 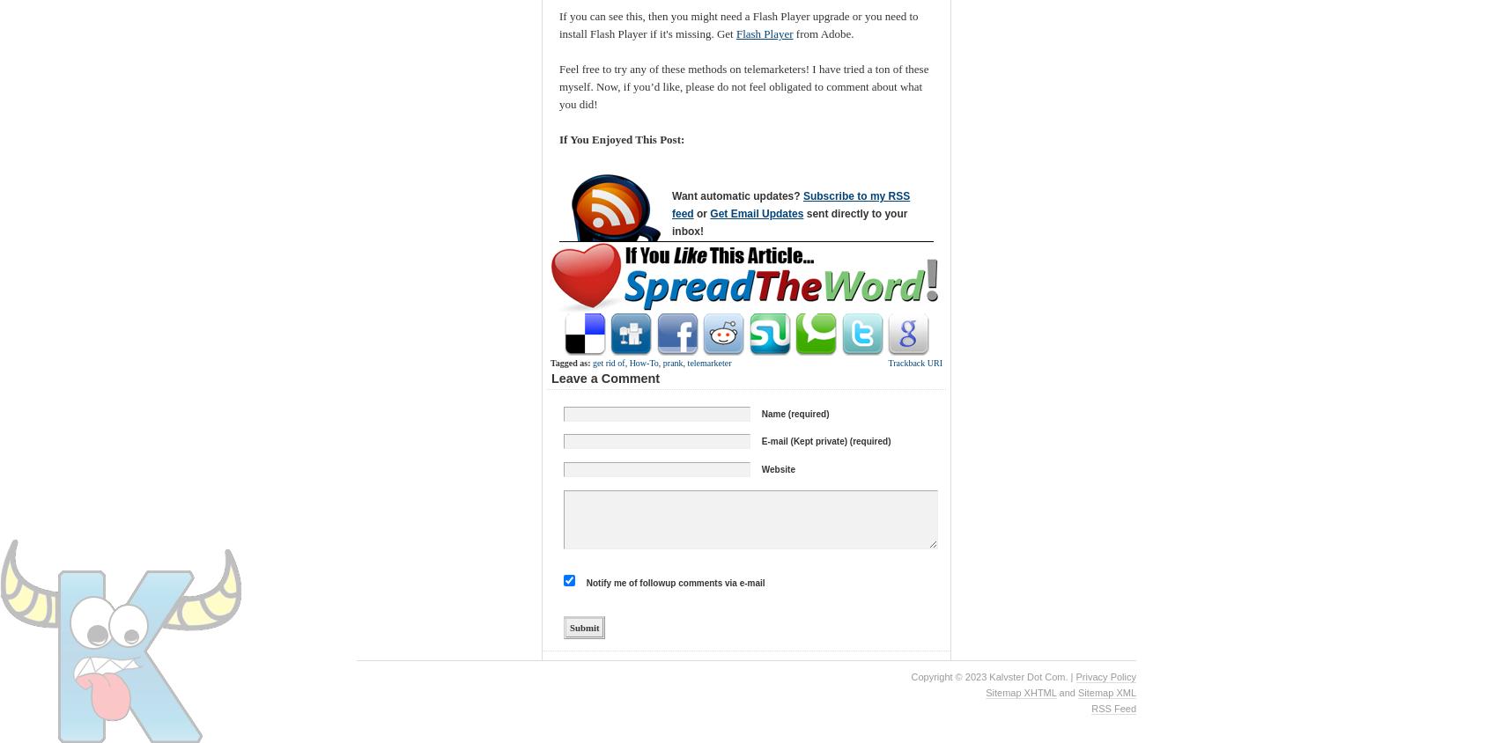 What do you see at coordinates (628, 362) in the screenshot?
I see `'How-To'` at bounding box center [628, 362].